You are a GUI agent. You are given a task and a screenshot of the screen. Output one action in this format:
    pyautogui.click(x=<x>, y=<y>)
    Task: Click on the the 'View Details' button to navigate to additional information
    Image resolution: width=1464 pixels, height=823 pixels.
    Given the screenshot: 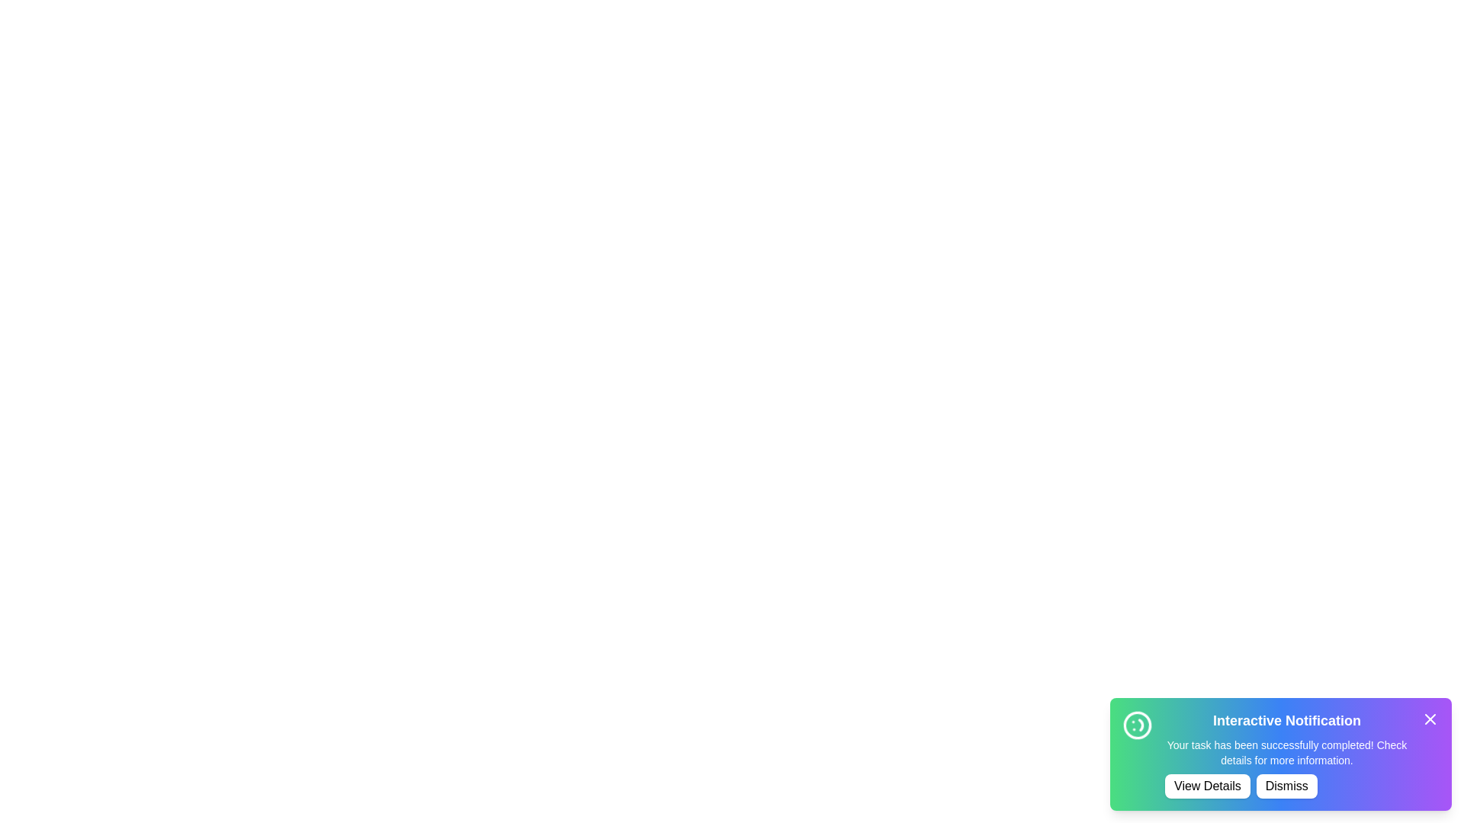 What is the action you would take?
    pyautogui.click(x=1206, y=786)
    